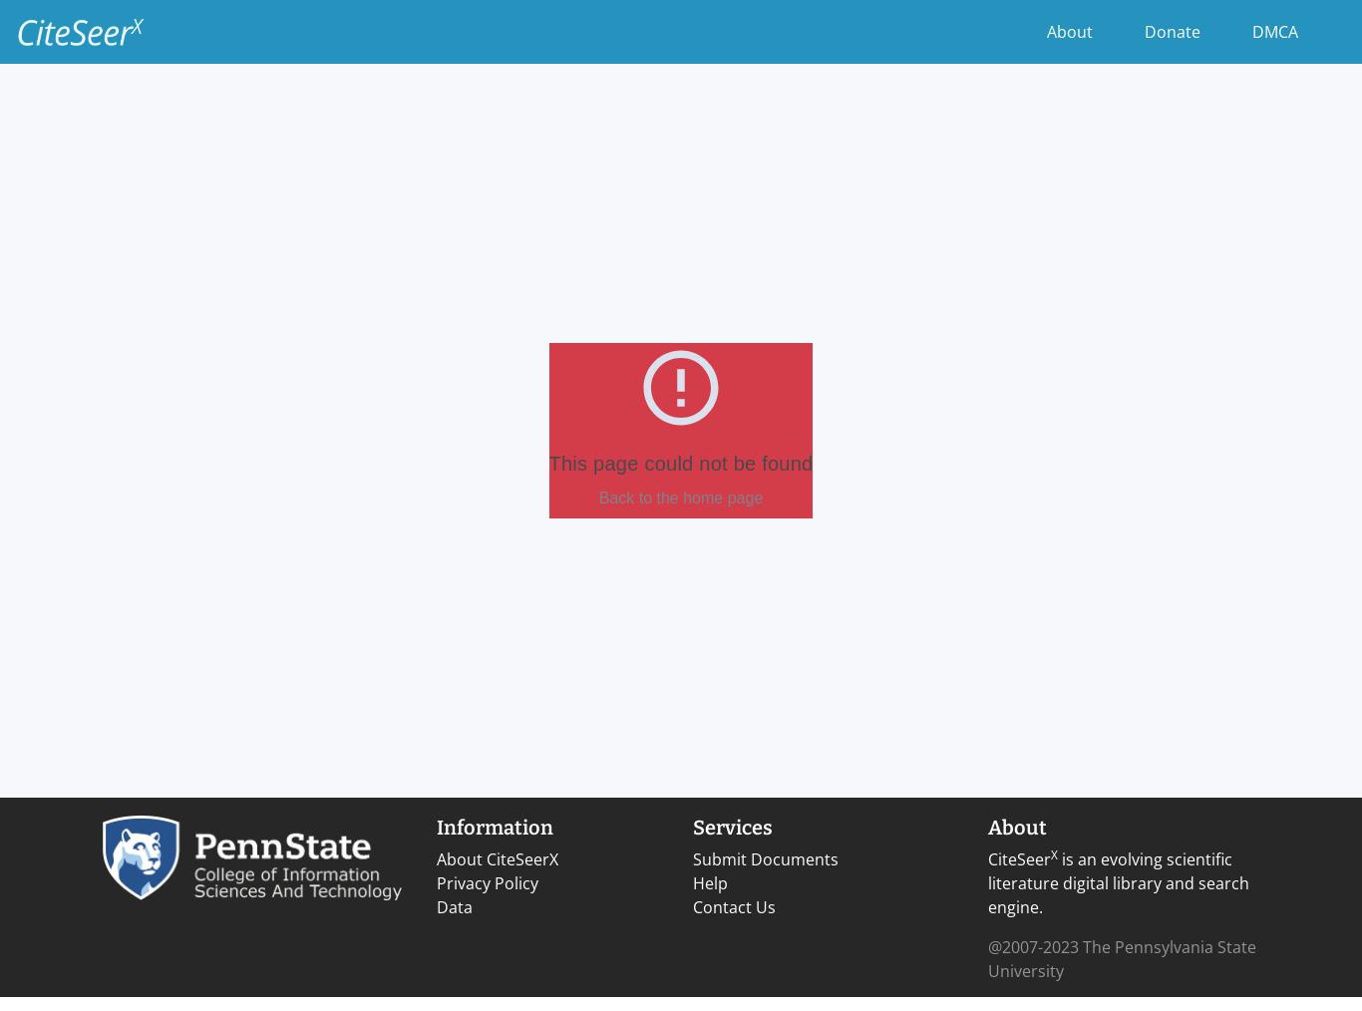  Describe the element at coordinates (1118, 882) in the screenshot. I see `'is an evolving scientific literature digital library and search engine.'` at that location.